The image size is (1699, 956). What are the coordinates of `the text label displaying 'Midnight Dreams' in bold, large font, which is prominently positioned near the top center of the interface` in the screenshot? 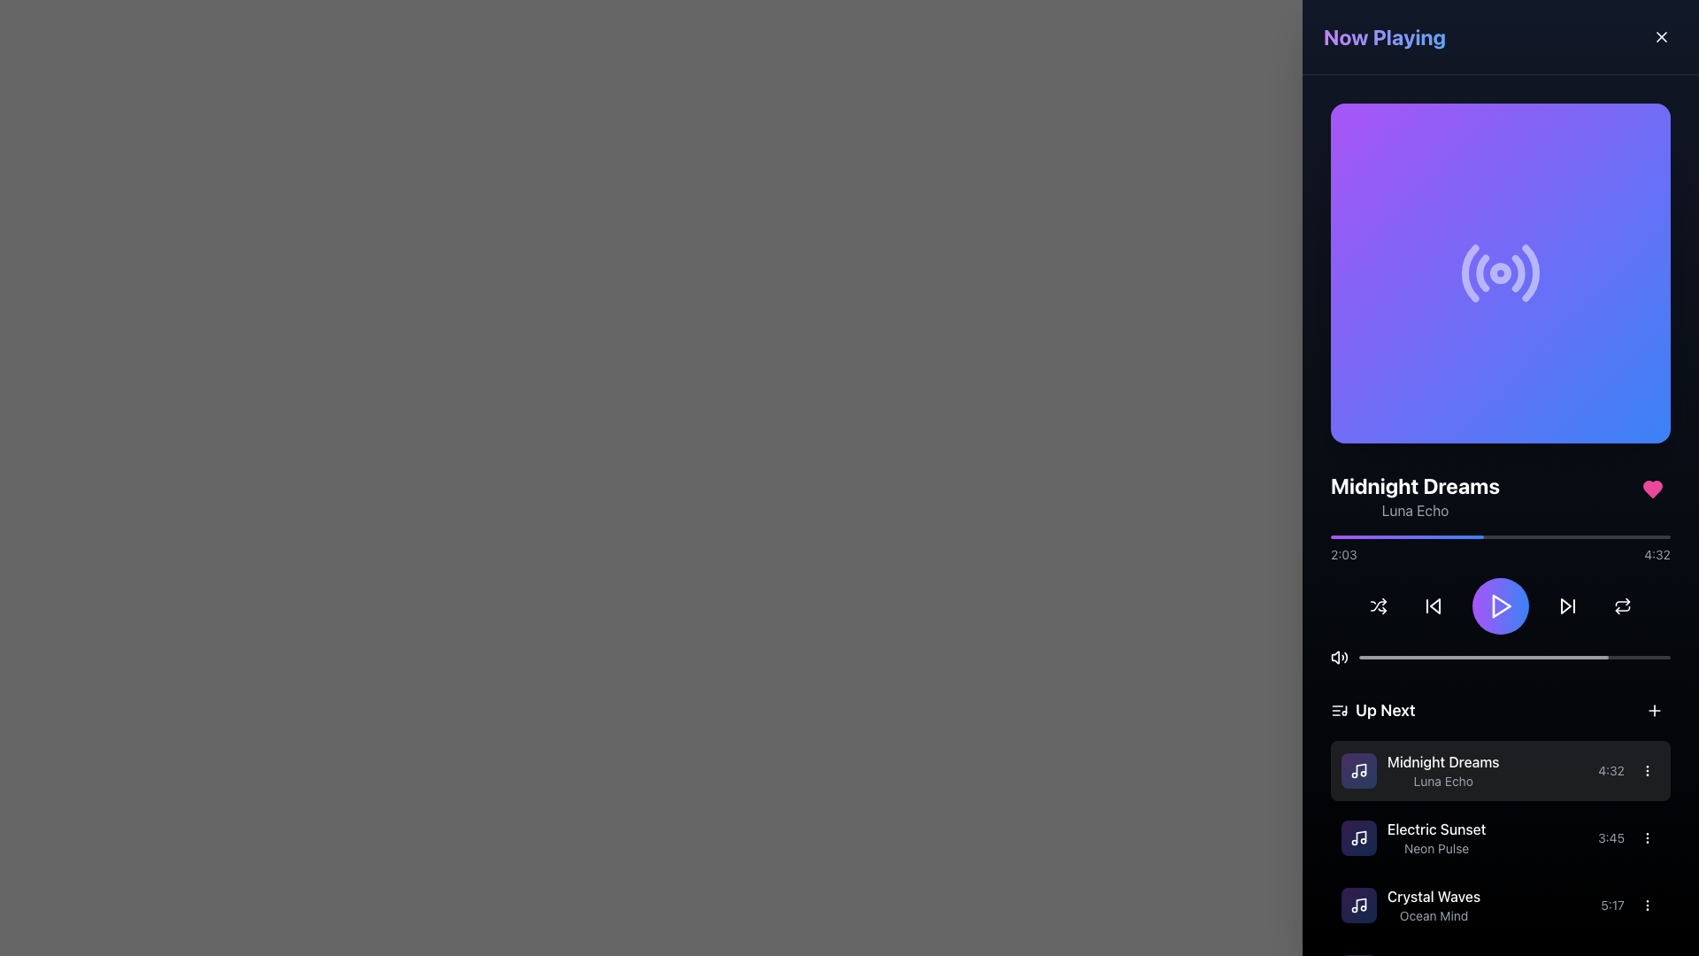 It's located at (1414, 485).